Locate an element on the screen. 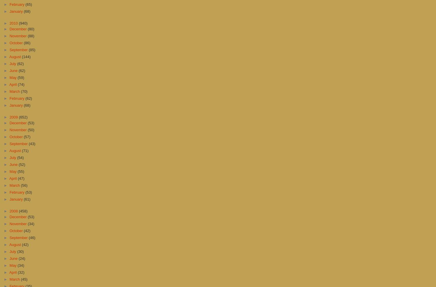 The height and width of the screenshot is (287, 436). '(71)' is located at coordinates (21, 150).